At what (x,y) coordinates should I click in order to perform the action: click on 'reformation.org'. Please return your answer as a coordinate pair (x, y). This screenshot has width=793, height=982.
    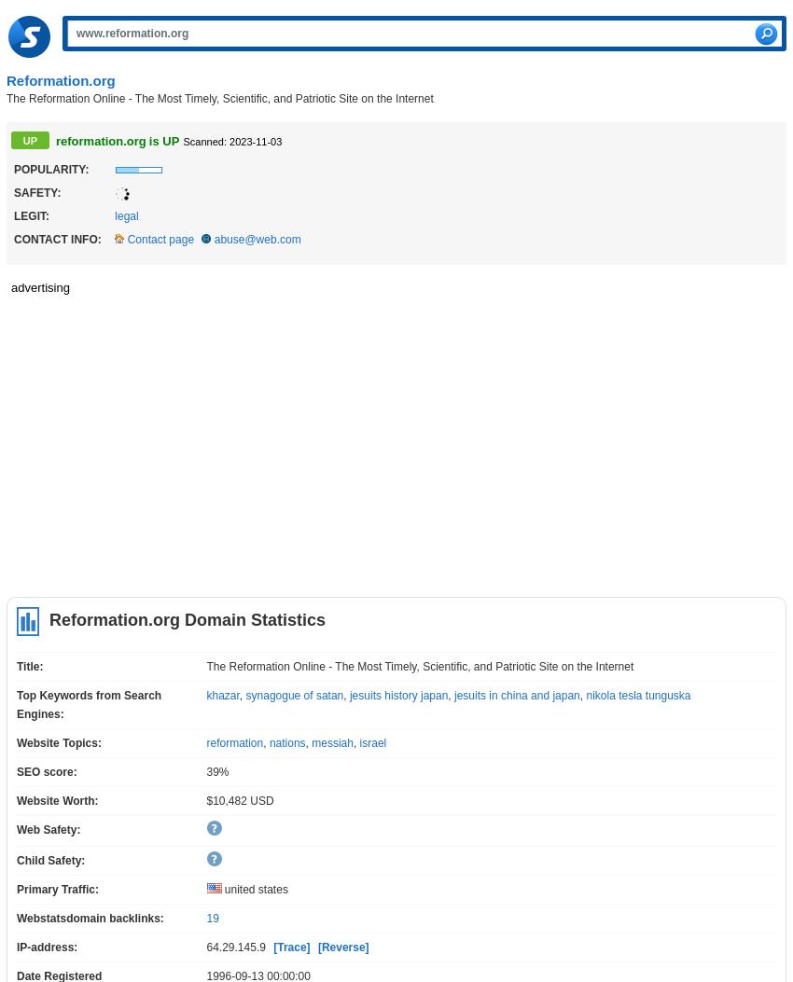
    Looking at the image, I should click on (56, 140).